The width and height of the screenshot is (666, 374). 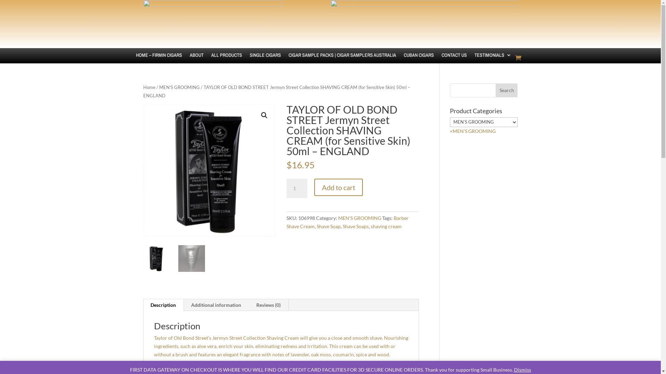 I want to click on 'shaving cream', so click(x=386, y=226).